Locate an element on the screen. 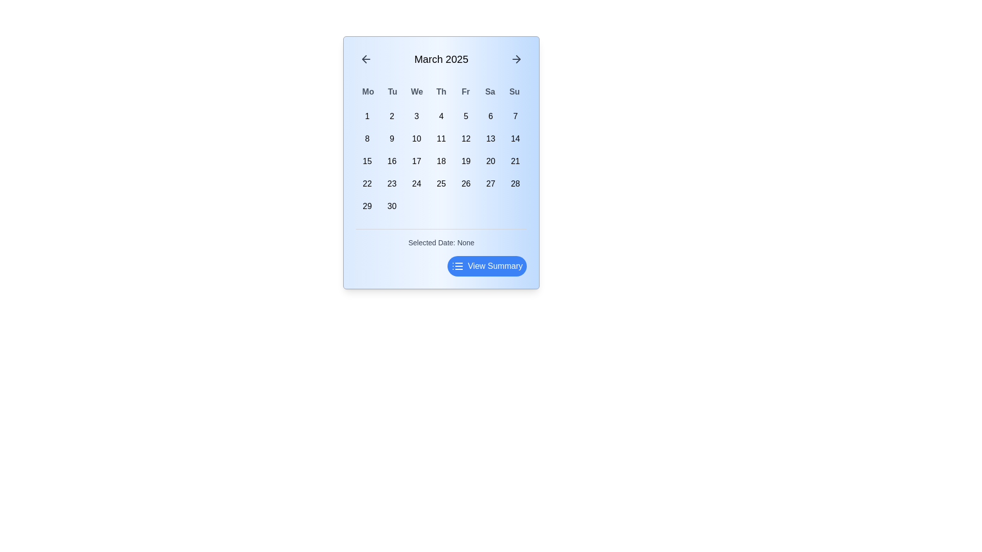 Image resolution: width=982 pixels, height=552 pixels. the text label 'Tu' which is the second item in the horizontal list of days in the calendar interface, located under the 'March 2025' heading is located at coordinates (392, 92).